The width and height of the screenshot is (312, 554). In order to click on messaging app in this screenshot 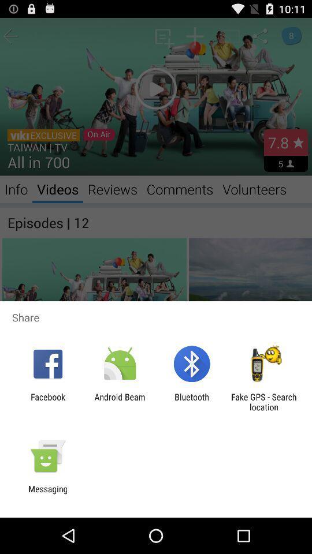, I will do `click(47, 493)`.